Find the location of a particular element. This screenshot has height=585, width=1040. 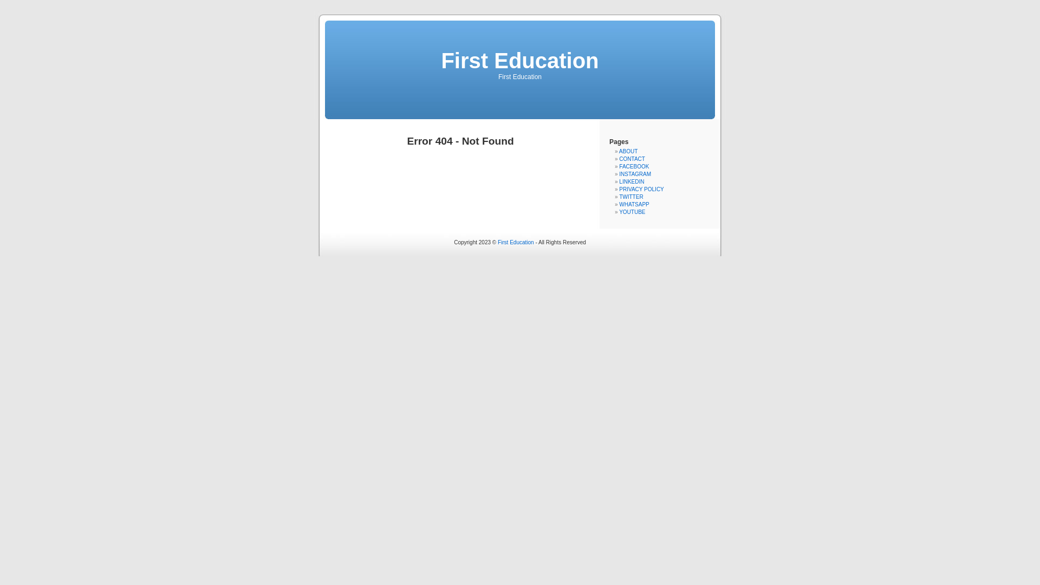

'First Education' is located at coordinates (515, 242).